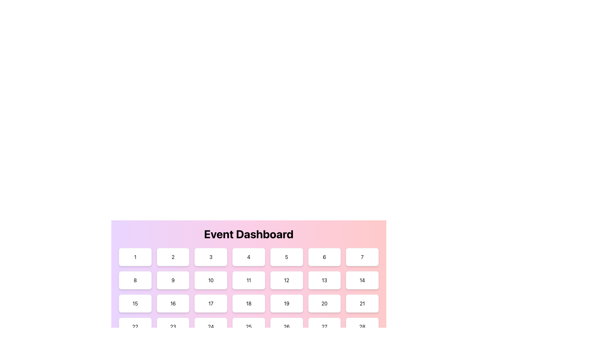 This screenshot has width=602, height=339. I want to click on the interactive grid cell containing the number '7', so click(362, 257).